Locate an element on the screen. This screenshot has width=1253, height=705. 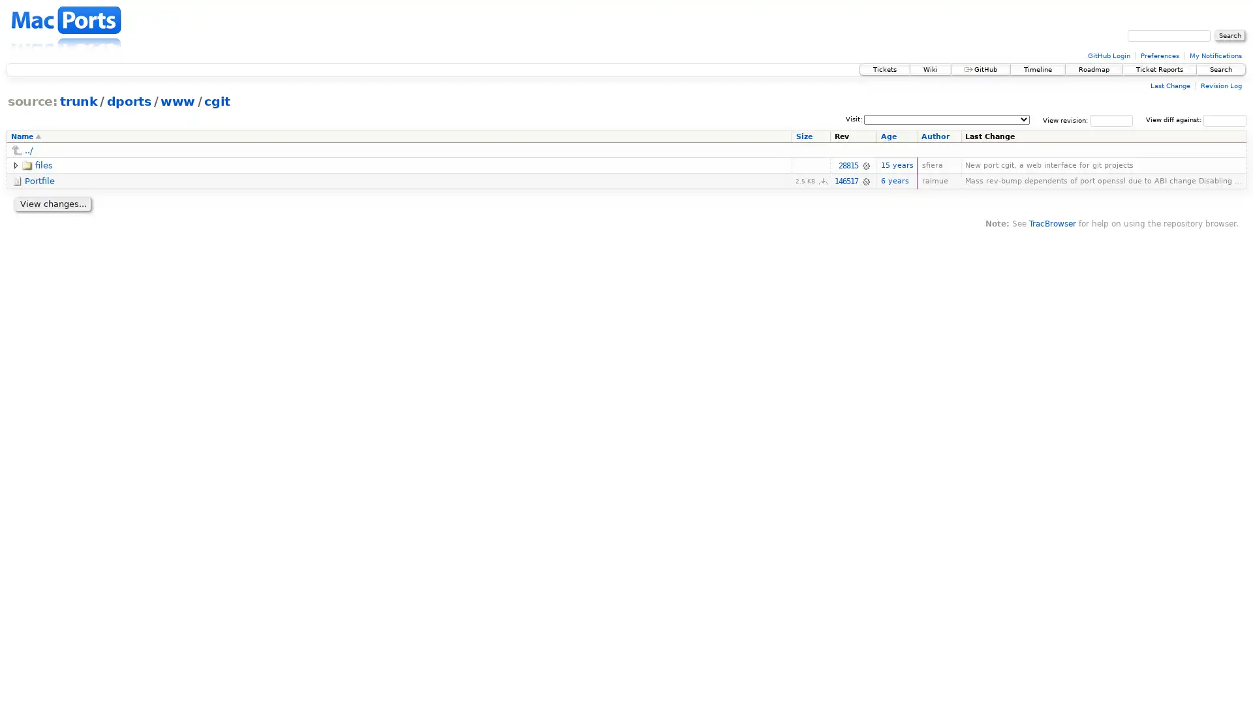
Search is located at coordinates (1230, 35).